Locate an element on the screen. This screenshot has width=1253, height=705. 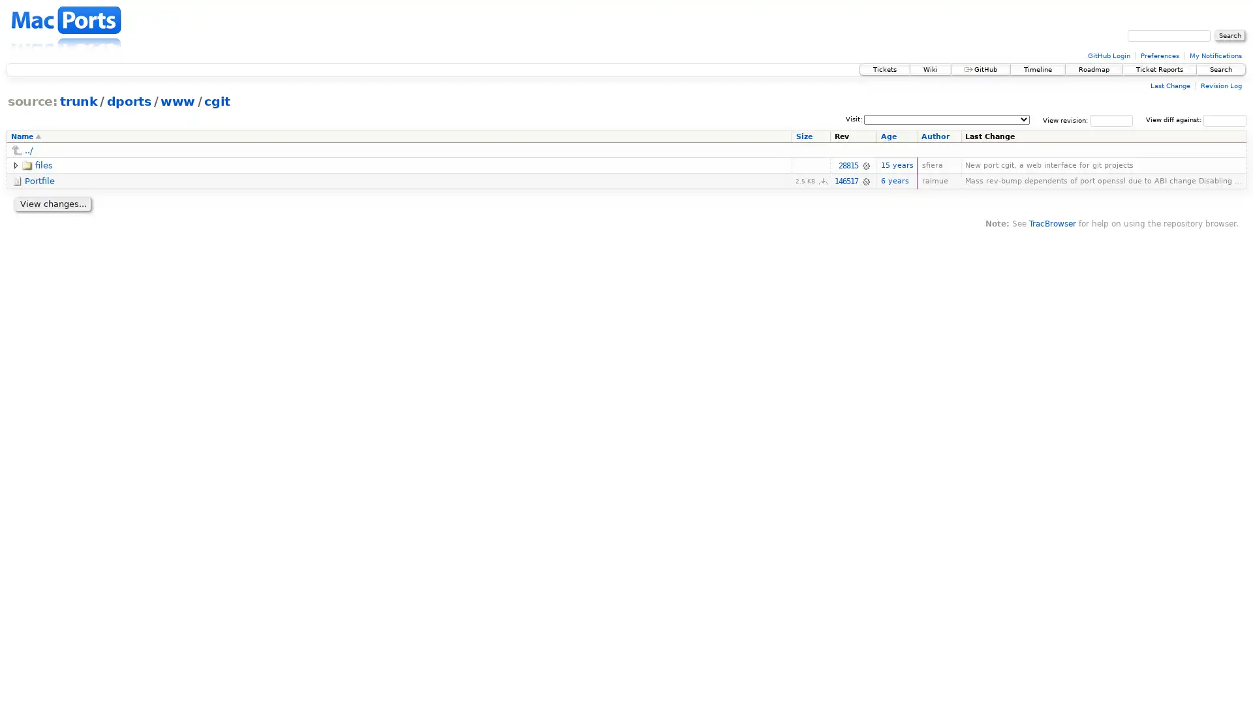
Search is located at coordinates (1230, 35).